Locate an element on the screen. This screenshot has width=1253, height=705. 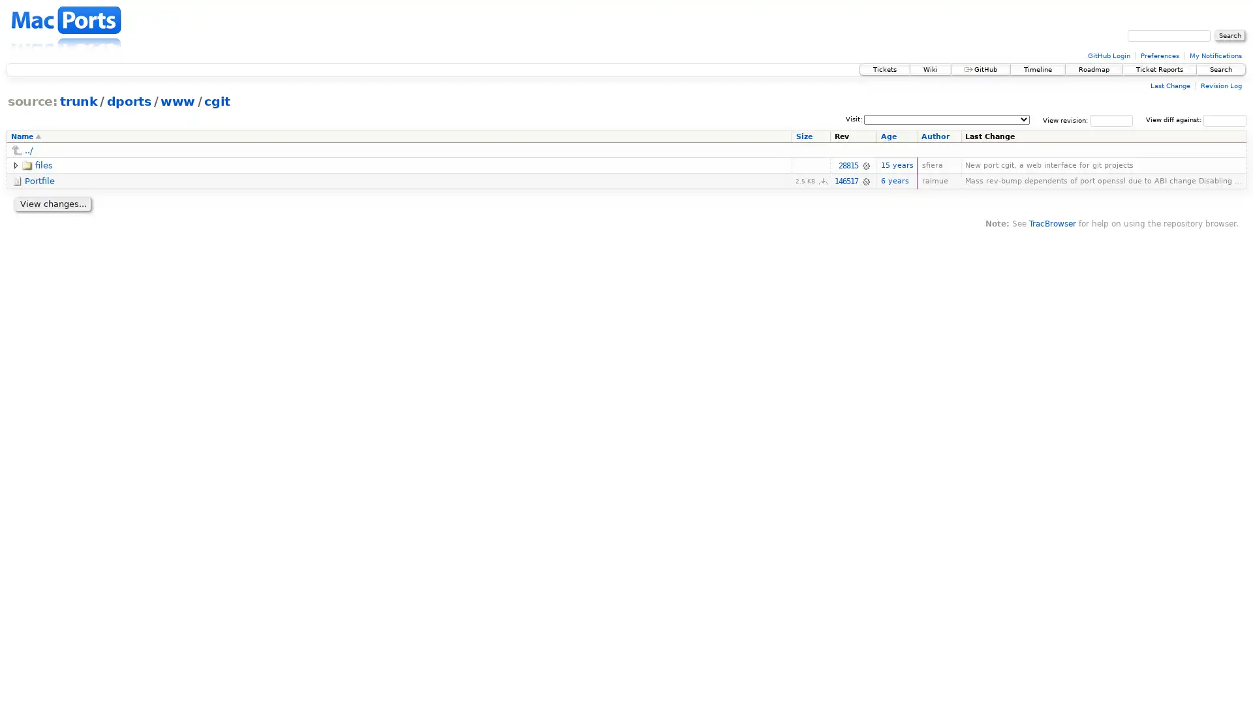
Search is located at coordinates (1230, 35).